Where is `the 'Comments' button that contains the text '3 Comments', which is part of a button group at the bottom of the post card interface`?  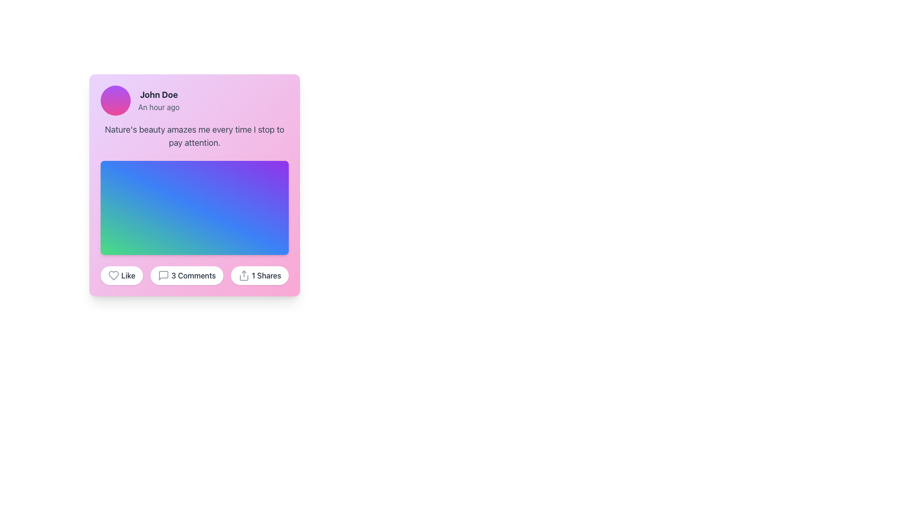 the 'Comments' button that contains the text '3 Comments', which is part of a button group at the bottom of the post card interface is located at coordinates (193, 275).